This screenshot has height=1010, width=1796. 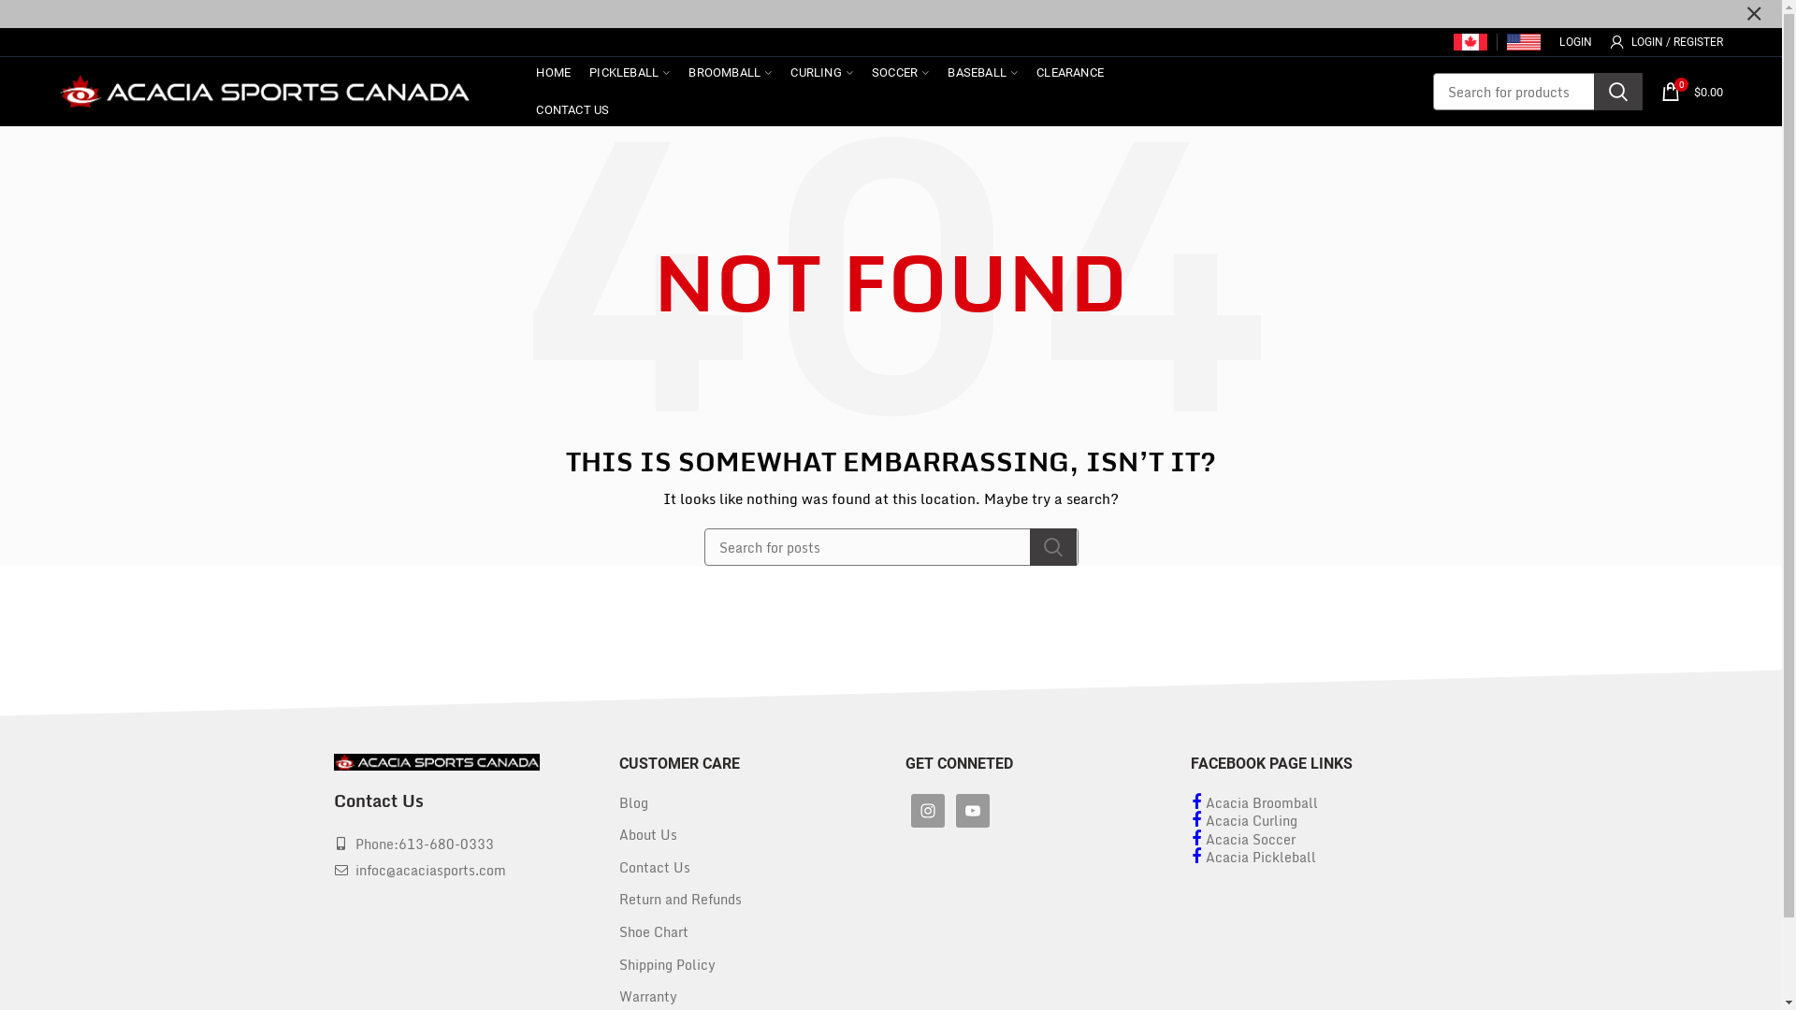 I want to click on 'PICKLEBALL', so click(x=578, y=71).